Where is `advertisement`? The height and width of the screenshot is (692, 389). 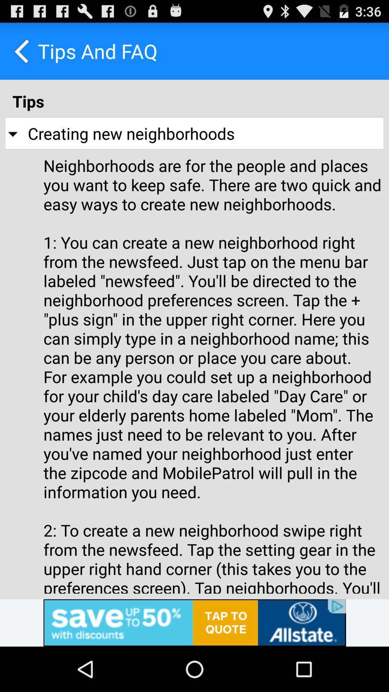 advertisement is located at coordinates (194, 622).